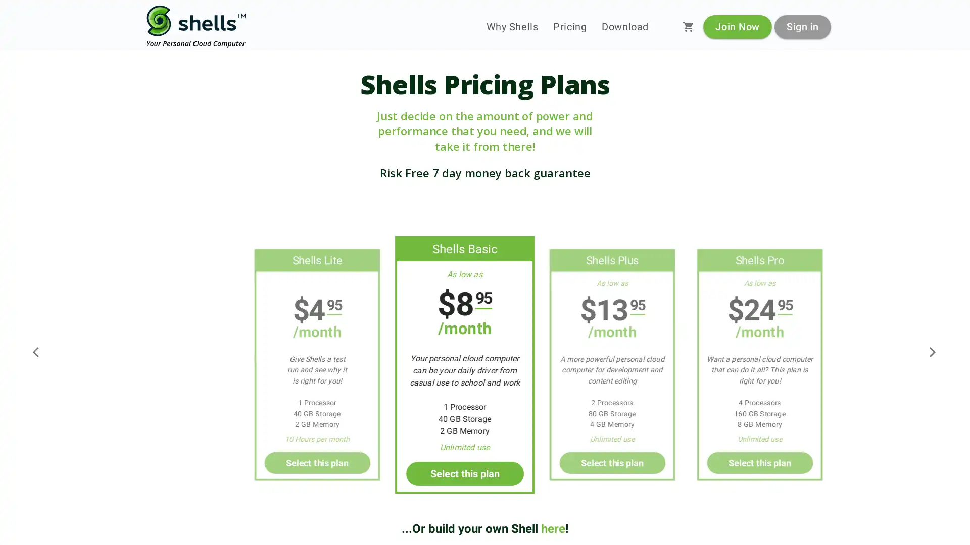 This screenshot has width=970, height=545. I want to click on Join Now, so click(737, 26).